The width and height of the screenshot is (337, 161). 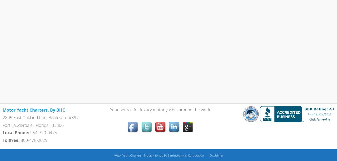 I want to click on 'Fort Lauderdale', so click(x=17, y=125).